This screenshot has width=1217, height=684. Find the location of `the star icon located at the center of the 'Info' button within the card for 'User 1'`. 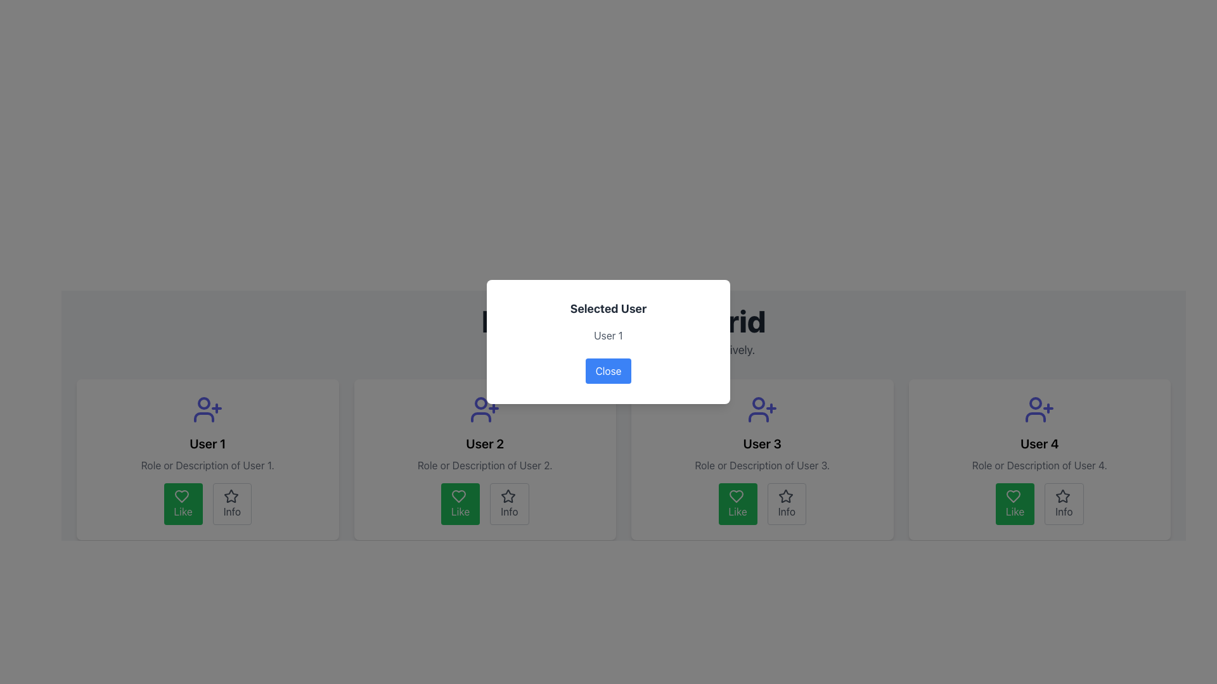

the star icon located at the center of the 'Info' button within the card for 'User 1' is located at coordinates (231, 495).